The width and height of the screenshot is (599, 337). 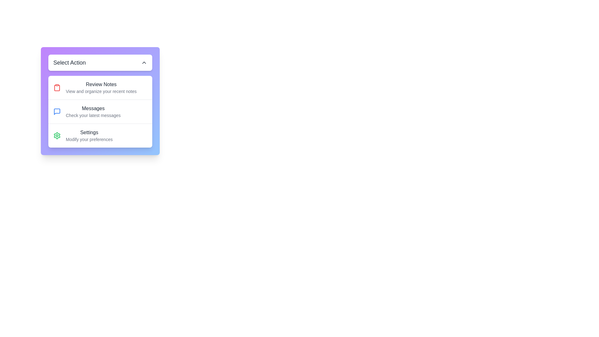 What do you see at coordinates (57, 135) in the screenshot?
I see `the settings icon located on the left side of the 'Settings' row in the vertical list by clicking on it` at bounding box center [57, 135].